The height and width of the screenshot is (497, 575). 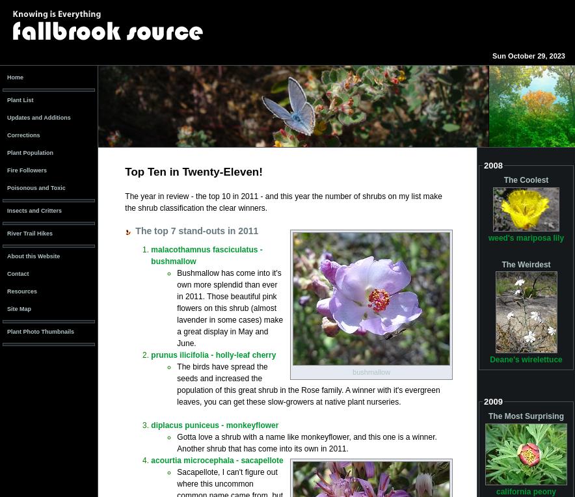 What do you see at coordinates (15, 77) in the screenshot?
I see `'Home'` at bounding box center [15, 77].